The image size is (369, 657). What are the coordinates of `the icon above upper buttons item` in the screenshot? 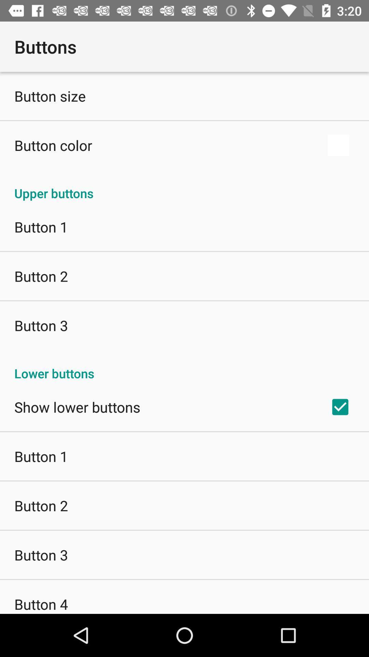 It's located at (338, 145).